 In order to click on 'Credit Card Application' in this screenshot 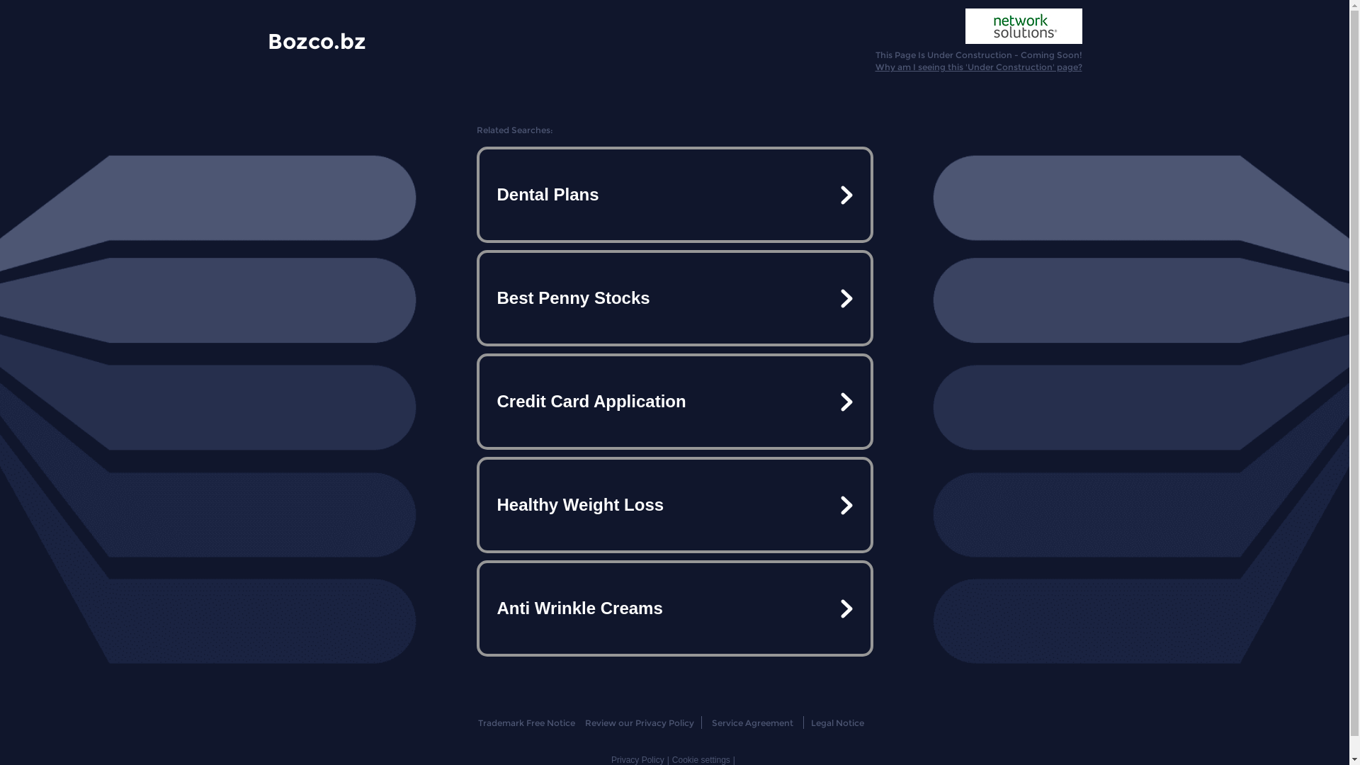, I will do `click(673, 402)`.